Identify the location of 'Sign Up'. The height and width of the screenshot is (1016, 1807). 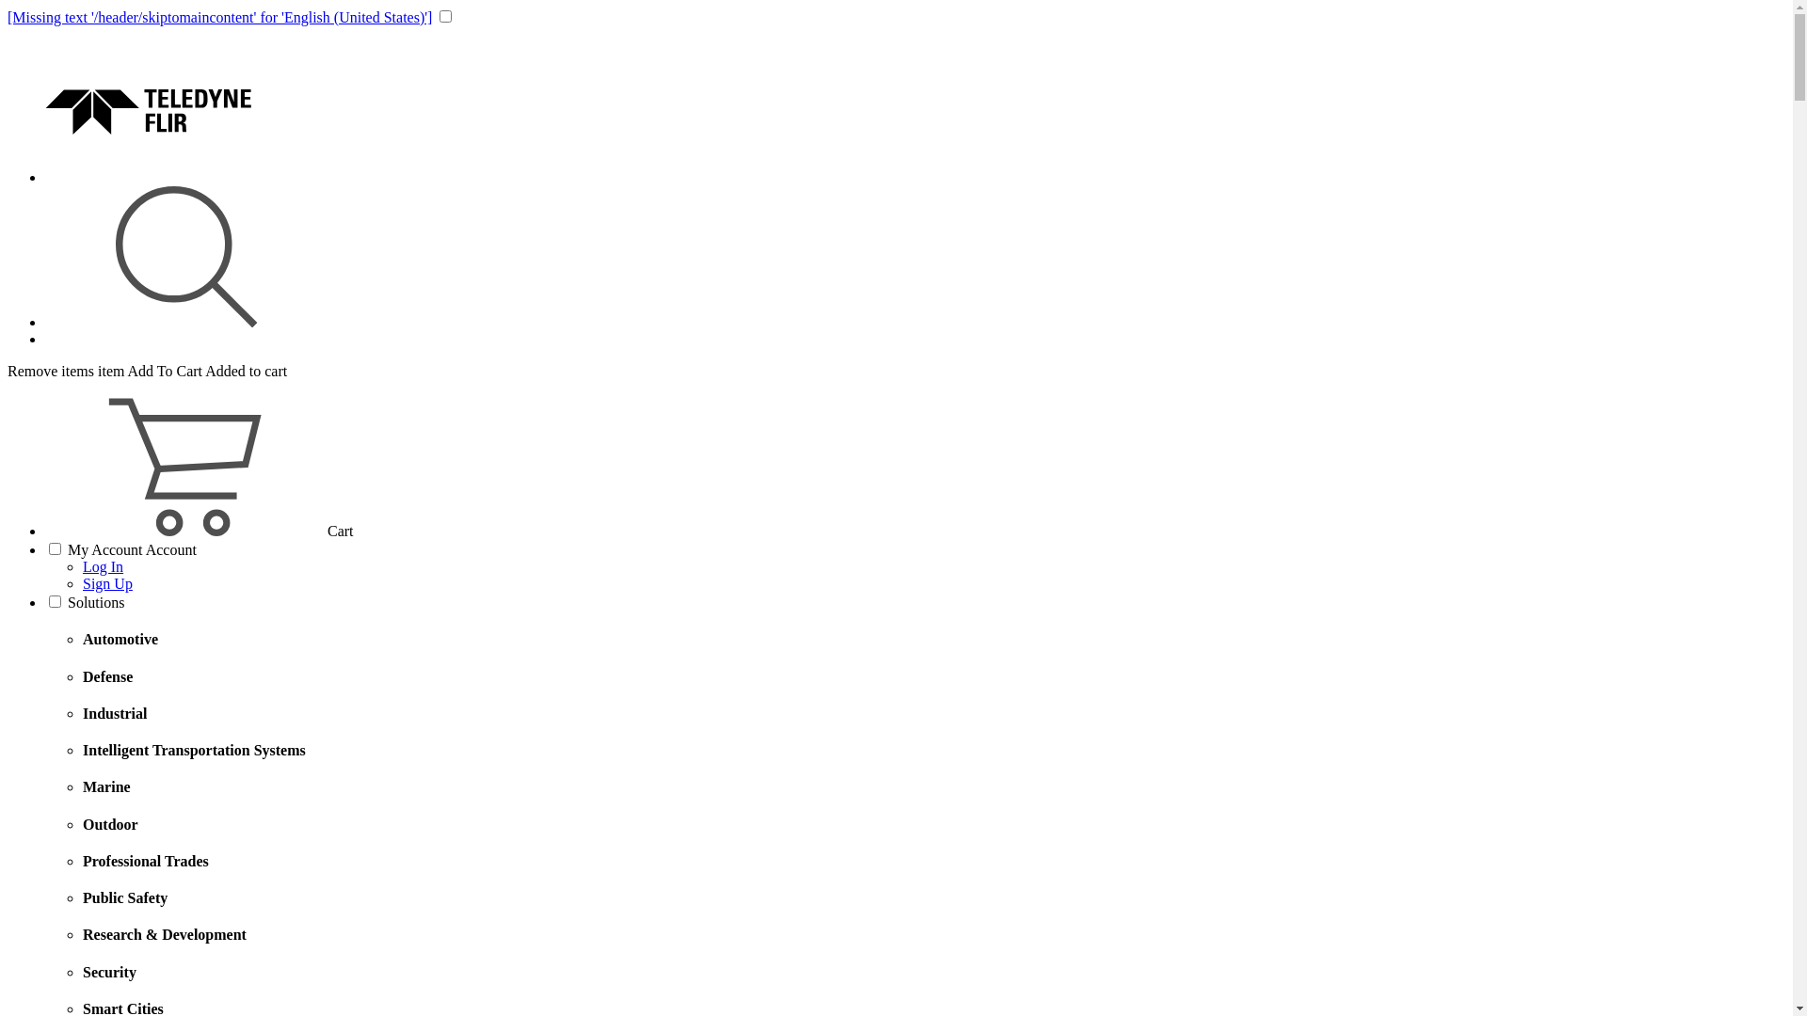
(106, 582).